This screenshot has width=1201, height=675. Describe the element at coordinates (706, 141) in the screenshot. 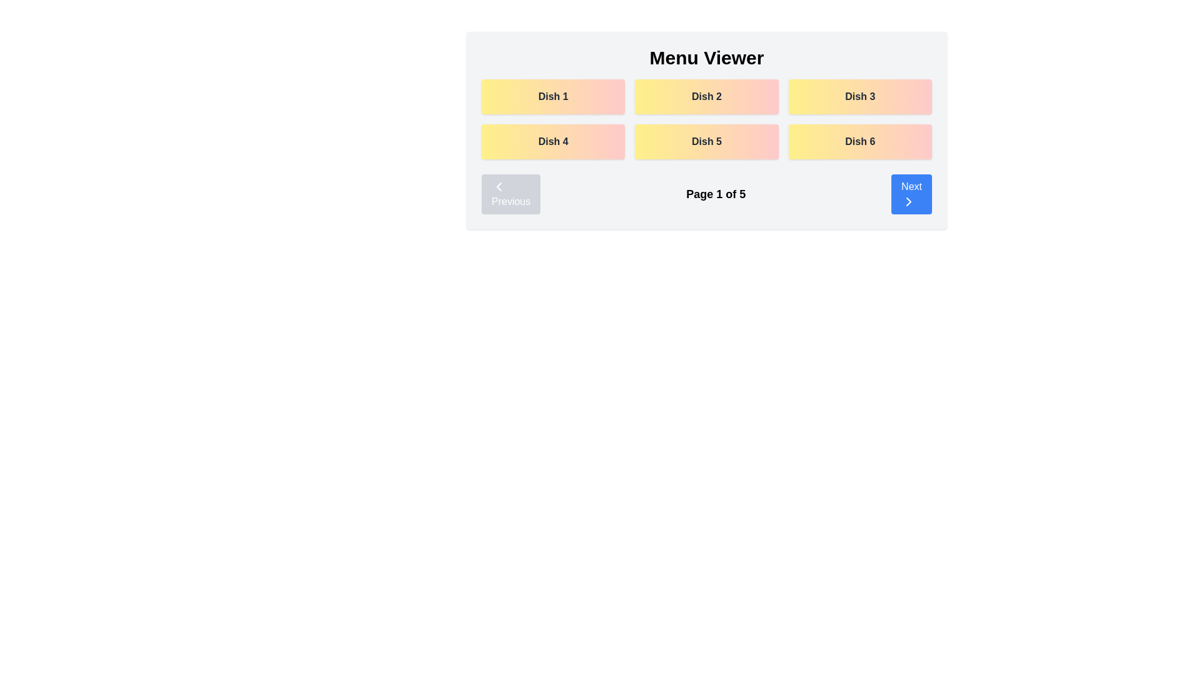

I see `the middle button in the second row of the grid layout labeled 'Dish 5'` at that location.